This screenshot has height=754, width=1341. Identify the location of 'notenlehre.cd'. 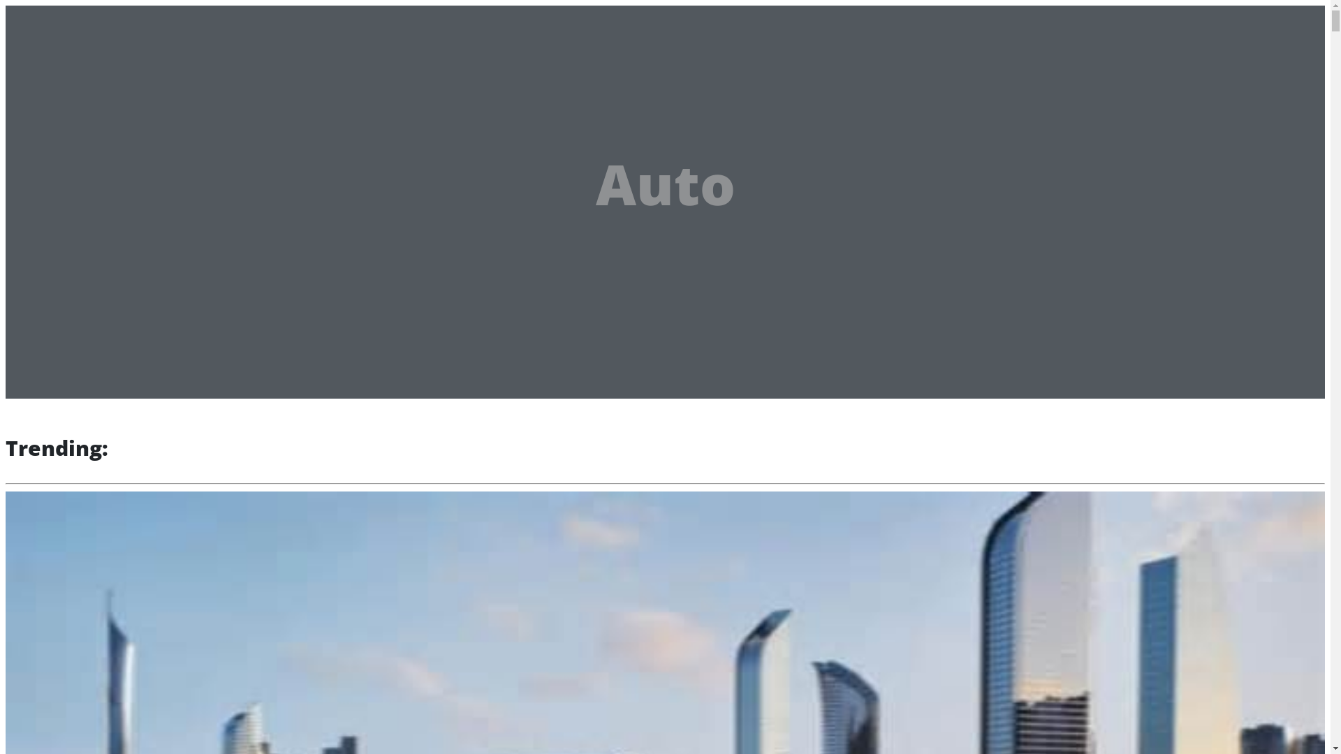
(68, 18).